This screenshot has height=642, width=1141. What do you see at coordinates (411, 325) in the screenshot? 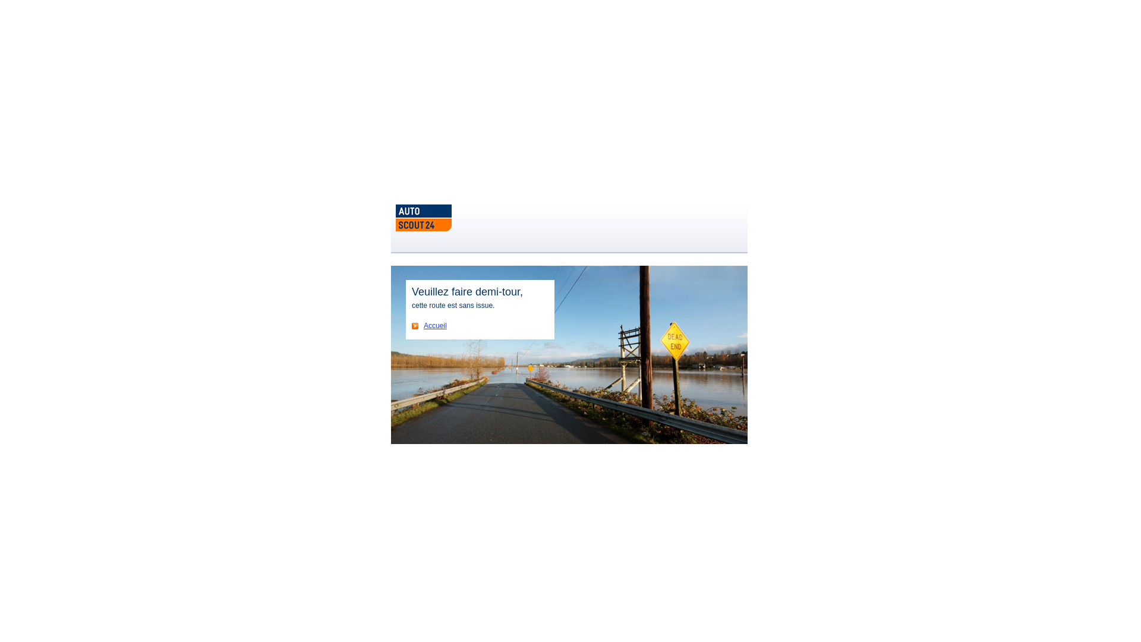
I see `'Accueil'` at bounding box center [411, 325].